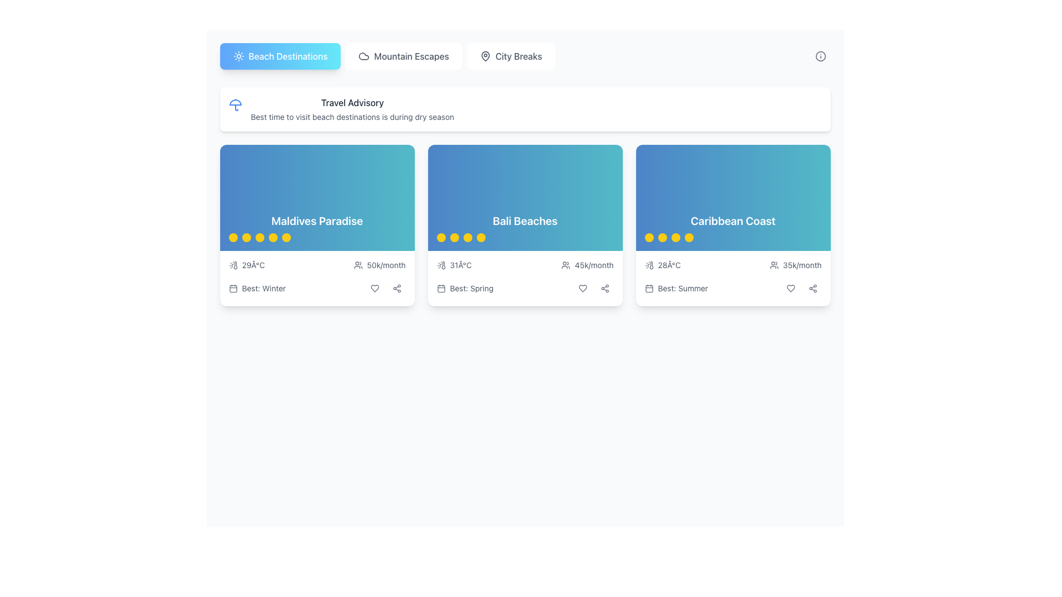  What do you see at coordinates (280, 56) in the screenshot?
I see `the 'Beach Destinations' button located at the top-left section of the interface, which is the first tab in a horizontal navigation bar, to observe interactive effects` at bounding box center [280, 56].